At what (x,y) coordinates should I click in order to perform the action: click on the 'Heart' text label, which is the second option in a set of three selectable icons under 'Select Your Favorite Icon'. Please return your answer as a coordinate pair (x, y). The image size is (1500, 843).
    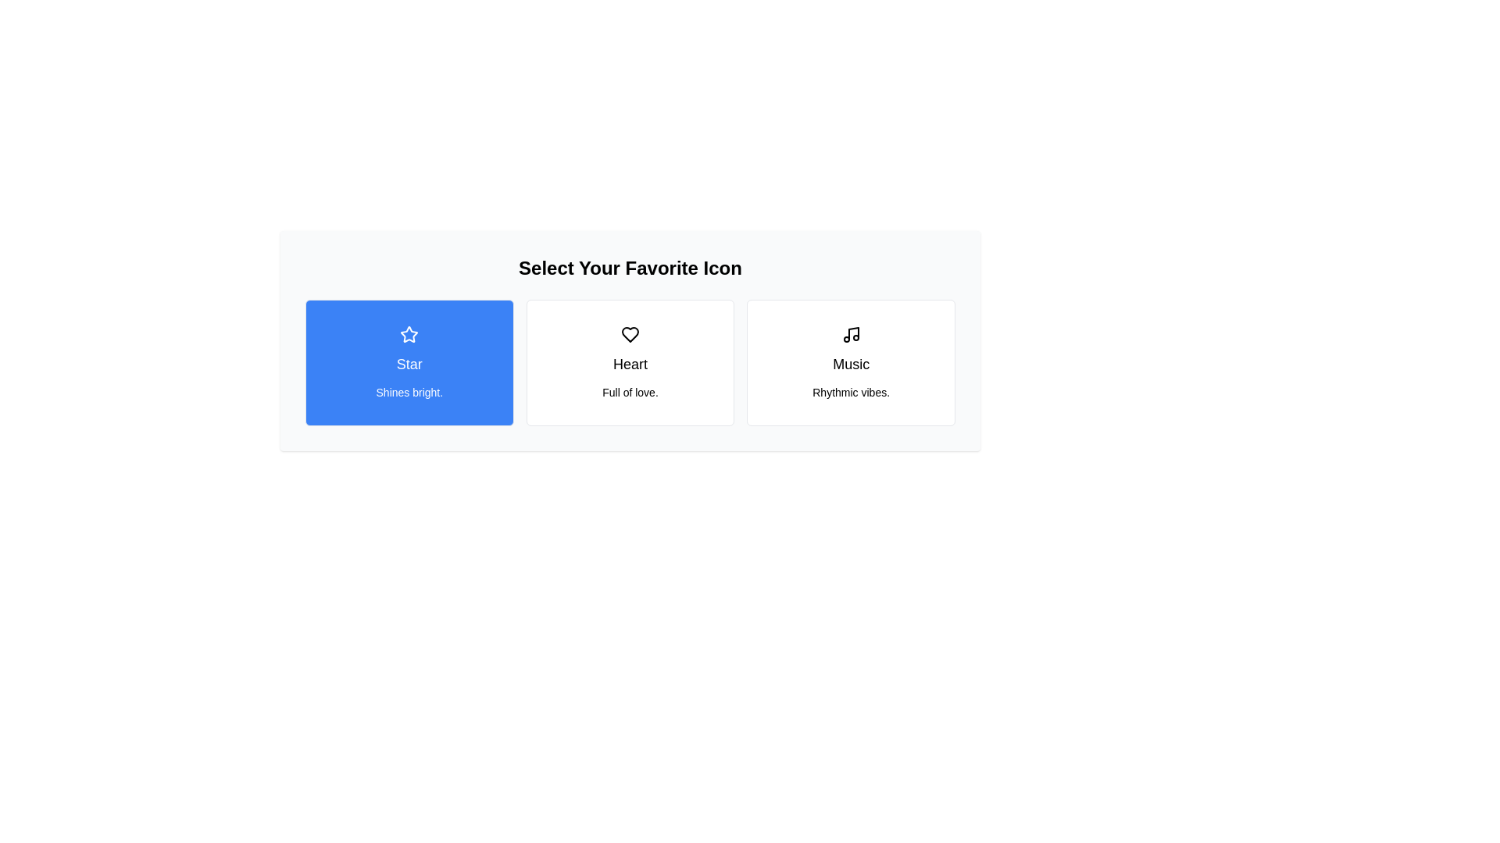
    Looking at the image, I should click on (630, 364).